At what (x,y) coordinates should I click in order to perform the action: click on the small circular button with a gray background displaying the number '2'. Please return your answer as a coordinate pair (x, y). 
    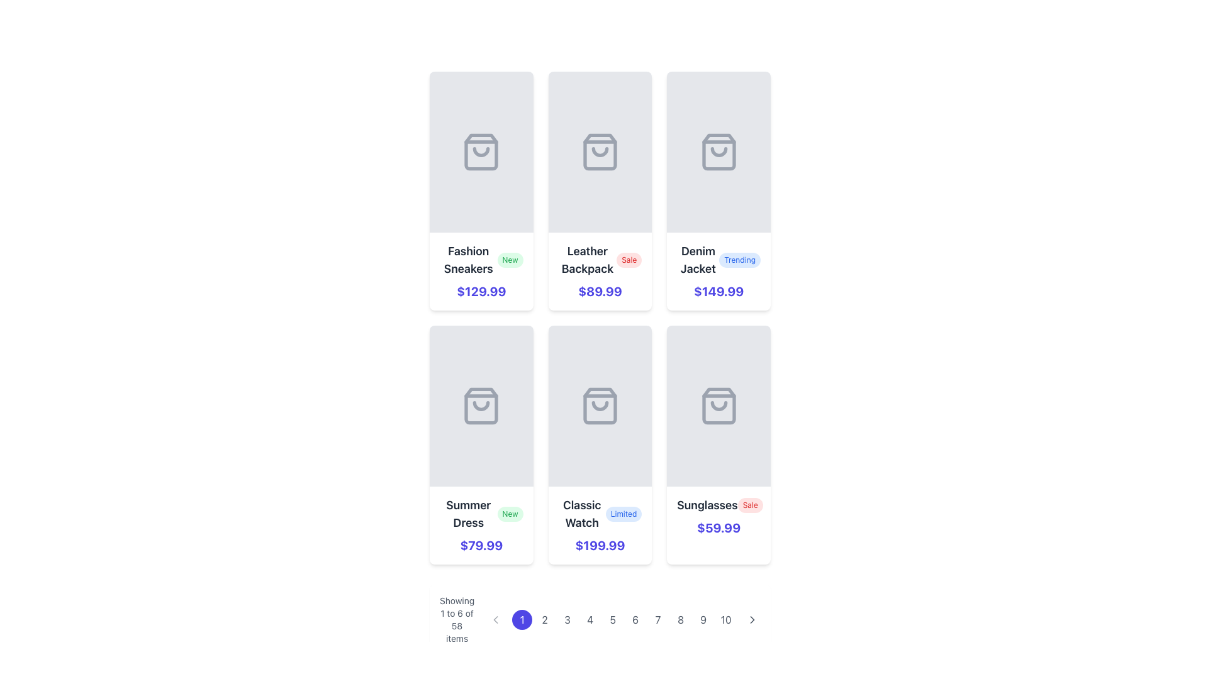
    Looking at the image, I should click on (545, 619).